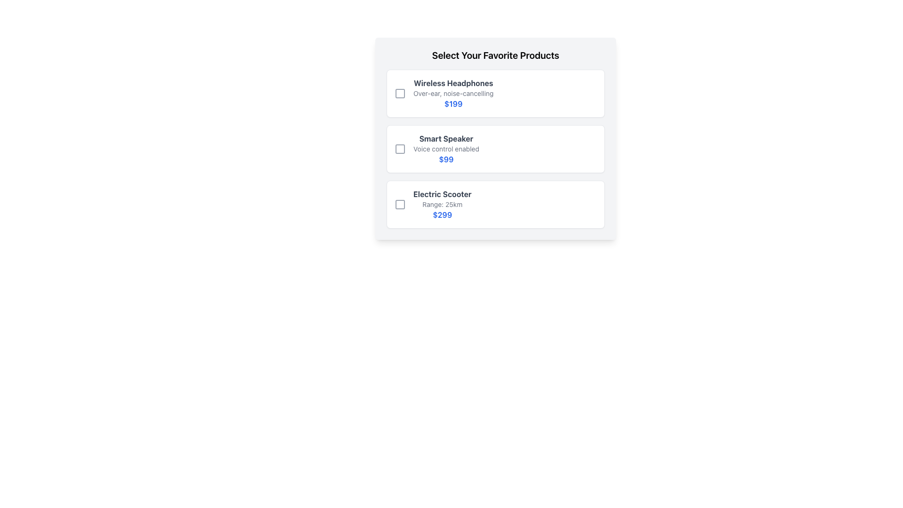 The image size is (903, 508). I want to click on the descriptive text label for the product 'Smart Speaker', which indicates its voice control capability, positioned below the bold title and above the price in the product options list, so click(446, 148).